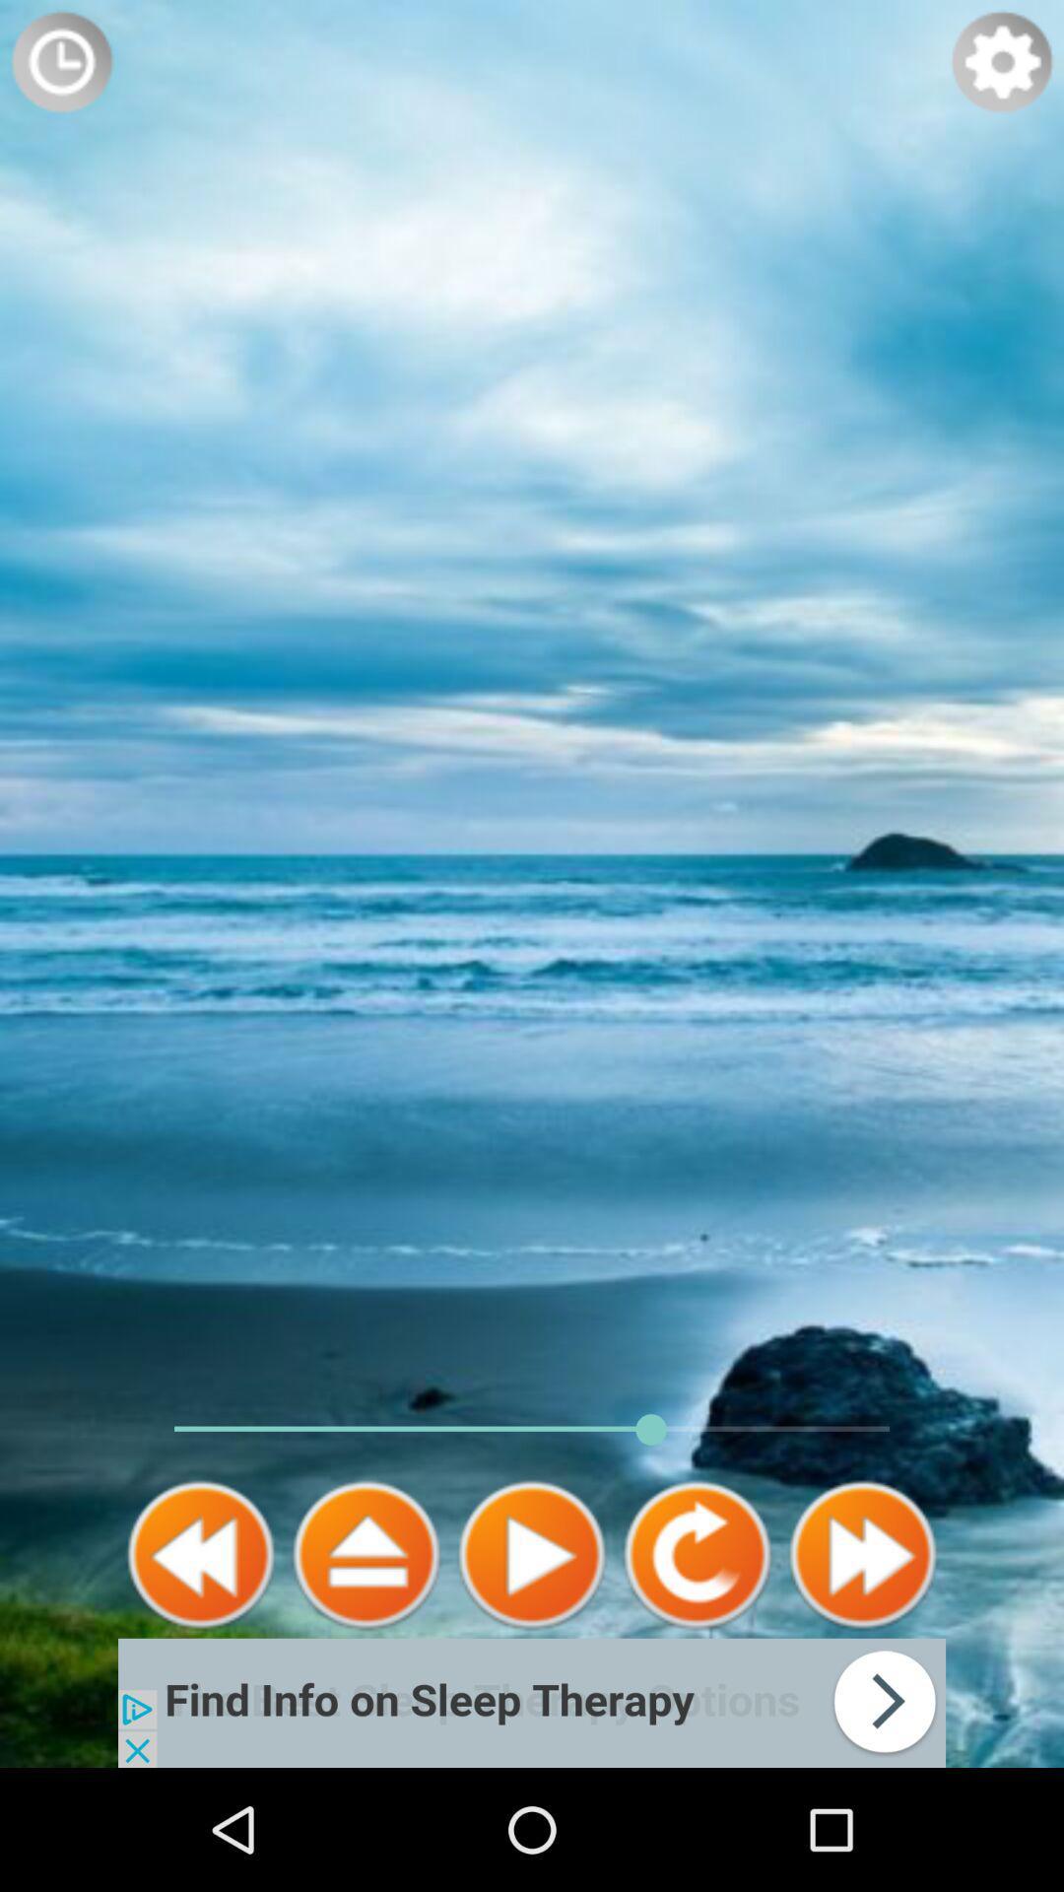 The image size is (1064, 1892). Describe the element at coordinates (532, 1554) in the screenshot. I see `music` at that location.